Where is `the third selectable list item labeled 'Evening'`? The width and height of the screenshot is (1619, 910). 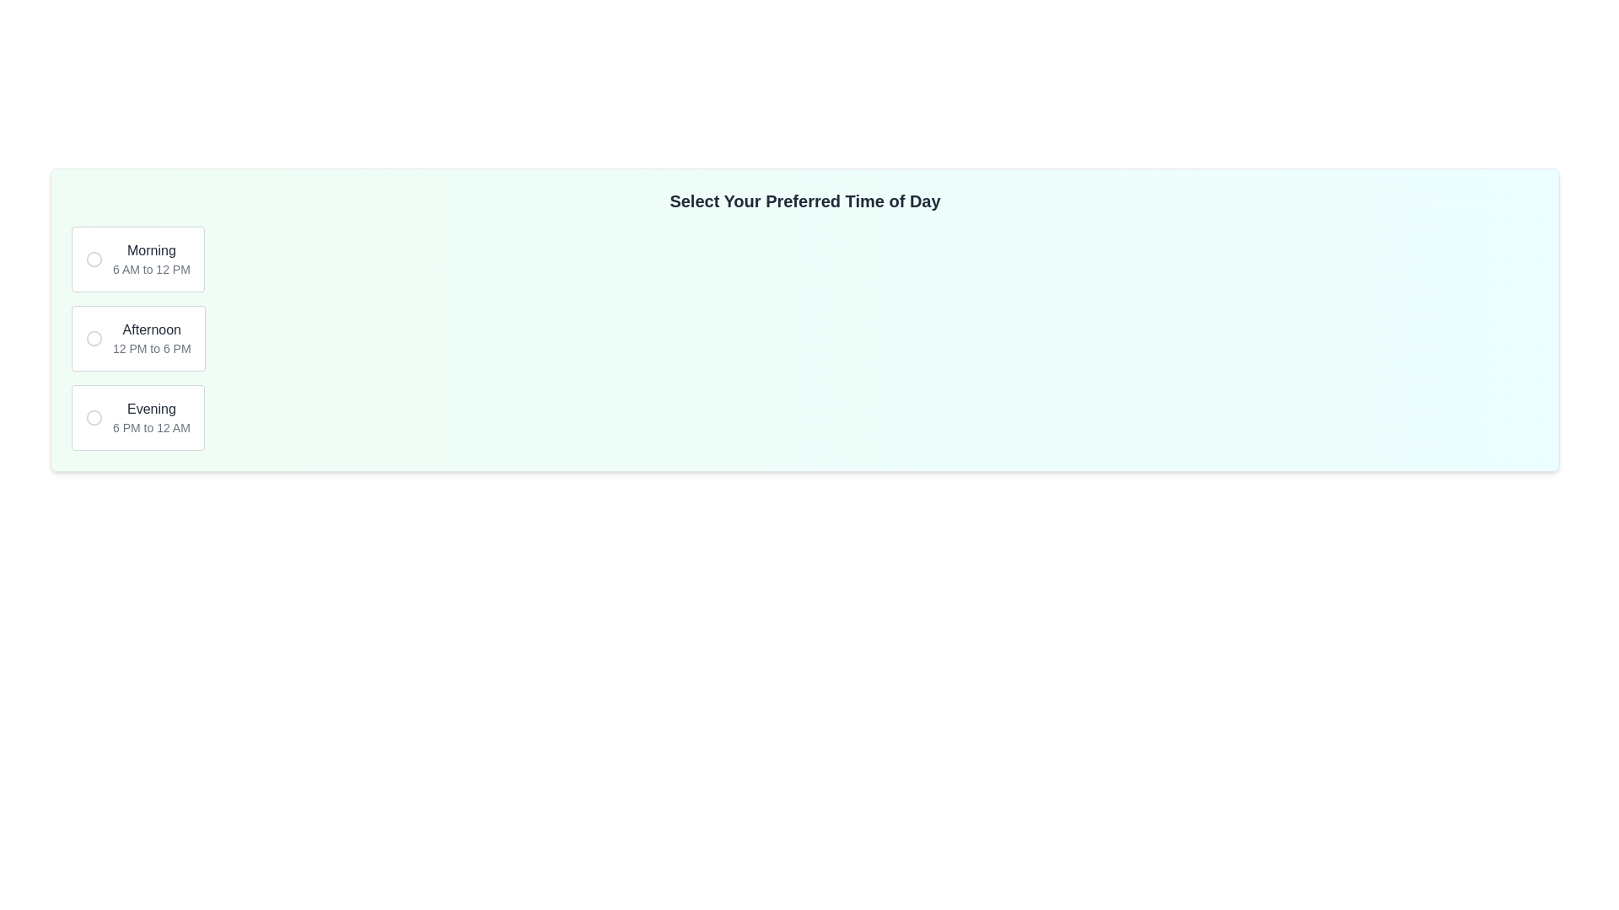
the third selectable list item labeled 'Evening' is located at coordinates (151, 417).